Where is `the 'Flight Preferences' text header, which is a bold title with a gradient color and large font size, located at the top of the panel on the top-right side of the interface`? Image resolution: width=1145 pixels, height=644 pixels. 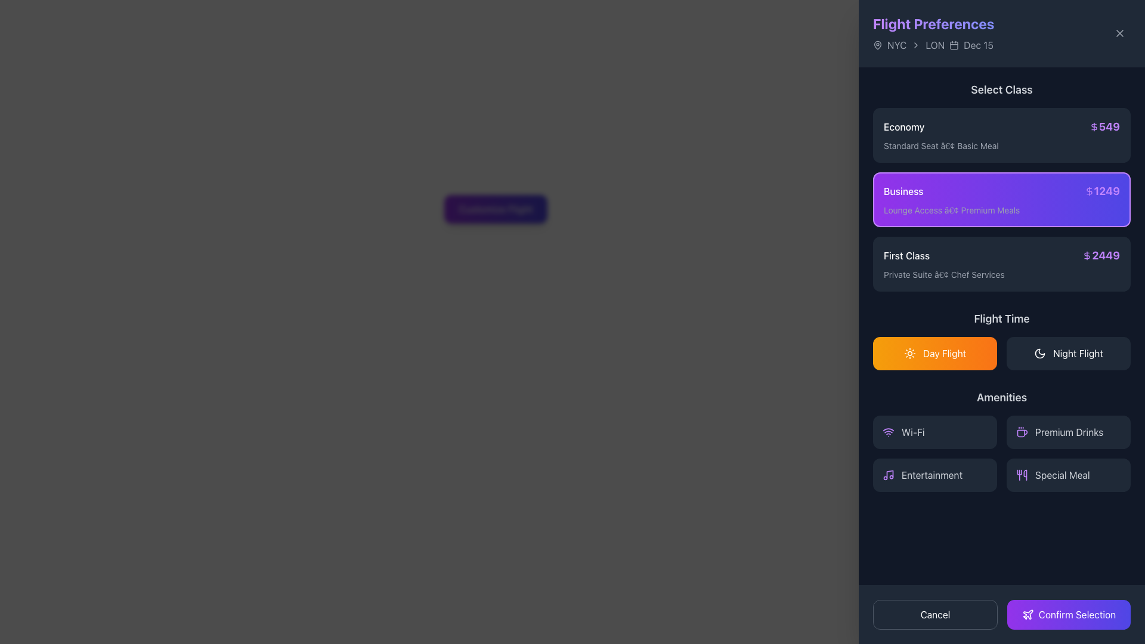
the 'Flight Preferences' text header, which is a bold title with a gradient color and large font size, located at the top of the panel on the top-right side of the interface is located at coordinates (933, 23).